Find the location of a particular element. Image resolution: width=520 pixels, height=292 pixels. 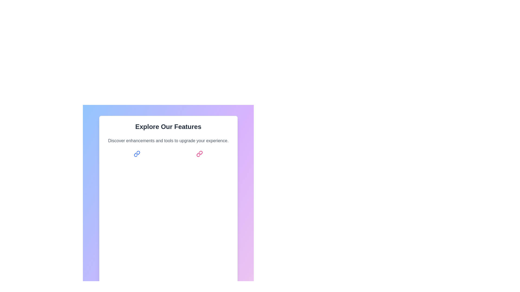

the SVG icon that represents linking or unlinking, located below the 'Explore Our Features' heading and slightly to the right in the layout is located at coordinates (198, 155).